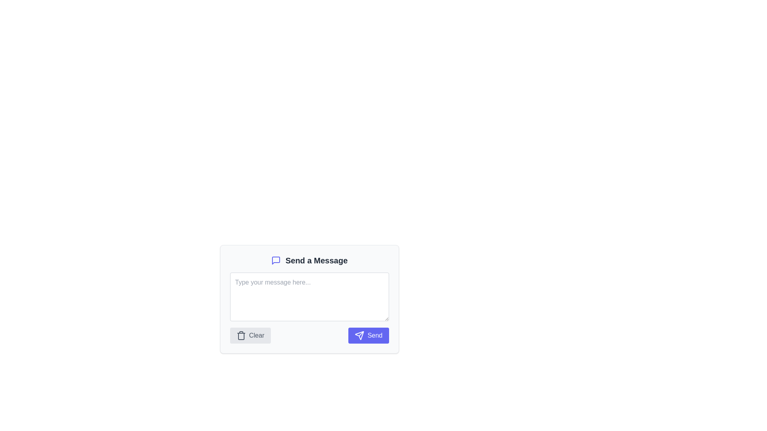 Image resolution: width=767 pixels, height=431 pixels. What do you see at coordinates (309, 299) in the screenshot?
I see `the text input field labeled 'Type your message here...' by tabbing into it` at bounding box center [309, 299].